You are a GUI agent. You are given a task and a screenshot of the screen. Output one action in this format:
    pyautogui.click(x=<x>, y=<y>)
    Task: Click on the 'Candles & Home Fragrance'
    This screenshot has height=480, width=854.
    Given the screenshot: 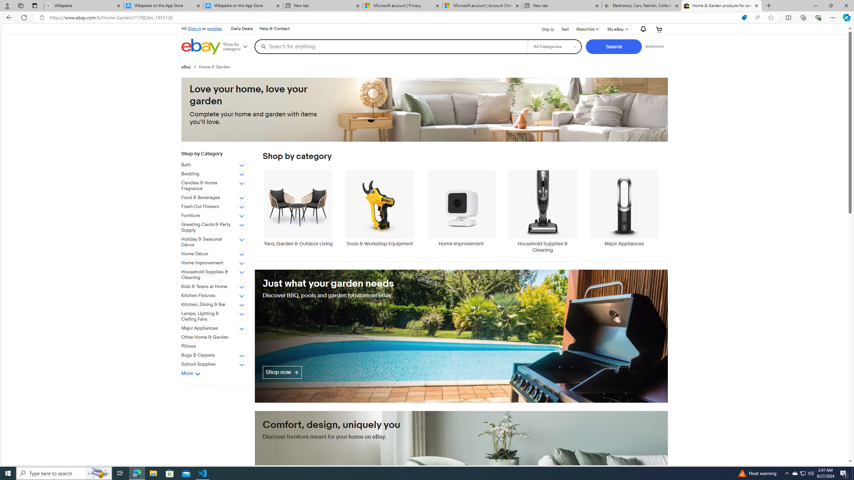 What is the action you would take?
    pyautogui.click(x=212, y=186)
    